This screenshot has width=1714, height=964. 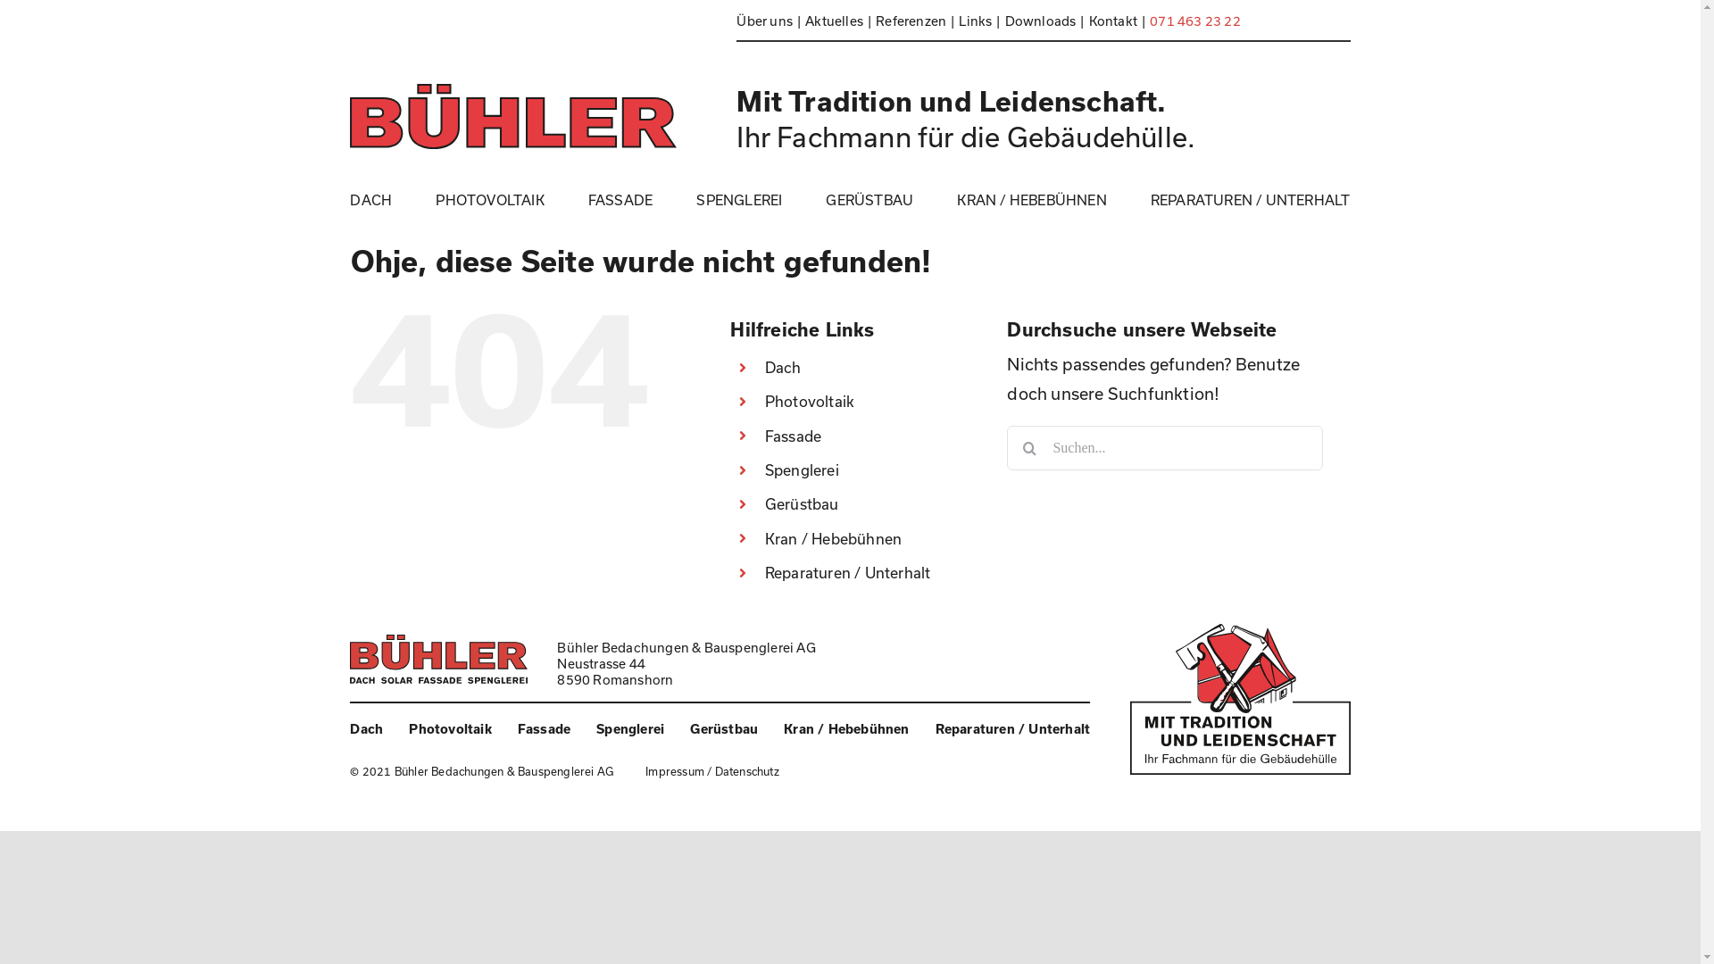 I want to click on 'Referenzen', so click(x=917, y=20).